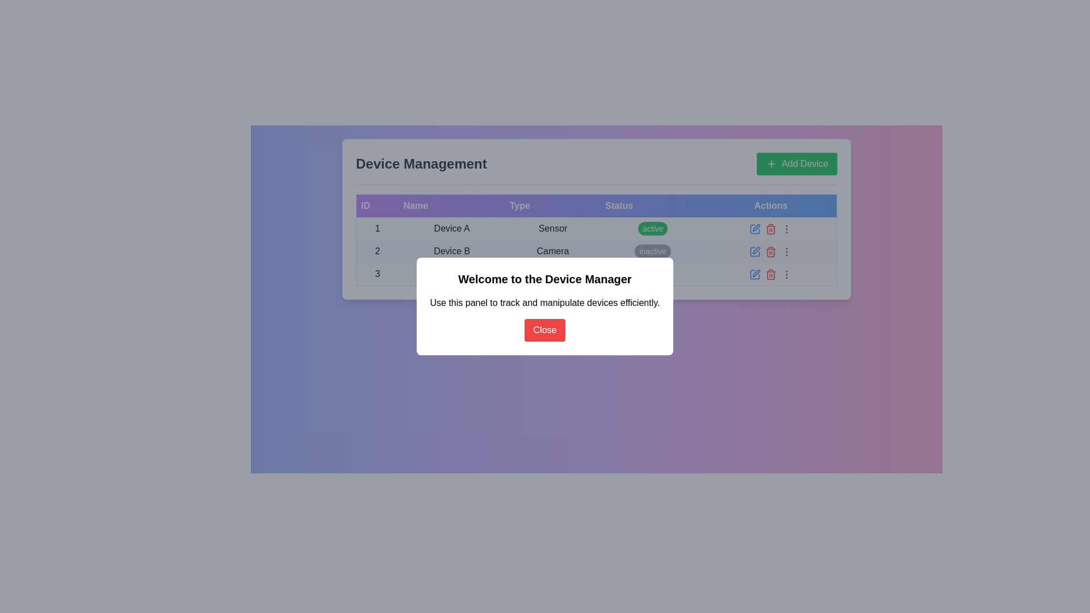 The width and height of the screenshot is (1090, 613). Describe the element at coordinates (378, 228) in the screenshot. I see `the top-left table cell under the 'ID' column, which indicates the unique identifier for 'Device A'` at that location.